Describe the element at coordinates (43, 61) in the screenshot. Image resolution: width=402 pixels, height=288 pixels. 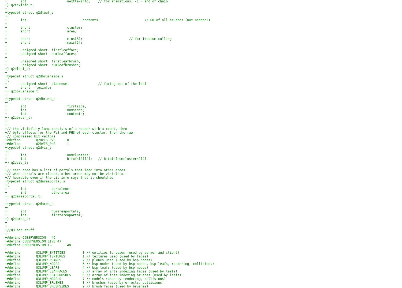
I see `'+       unsigned short  firstleafbrush;'` at that location.